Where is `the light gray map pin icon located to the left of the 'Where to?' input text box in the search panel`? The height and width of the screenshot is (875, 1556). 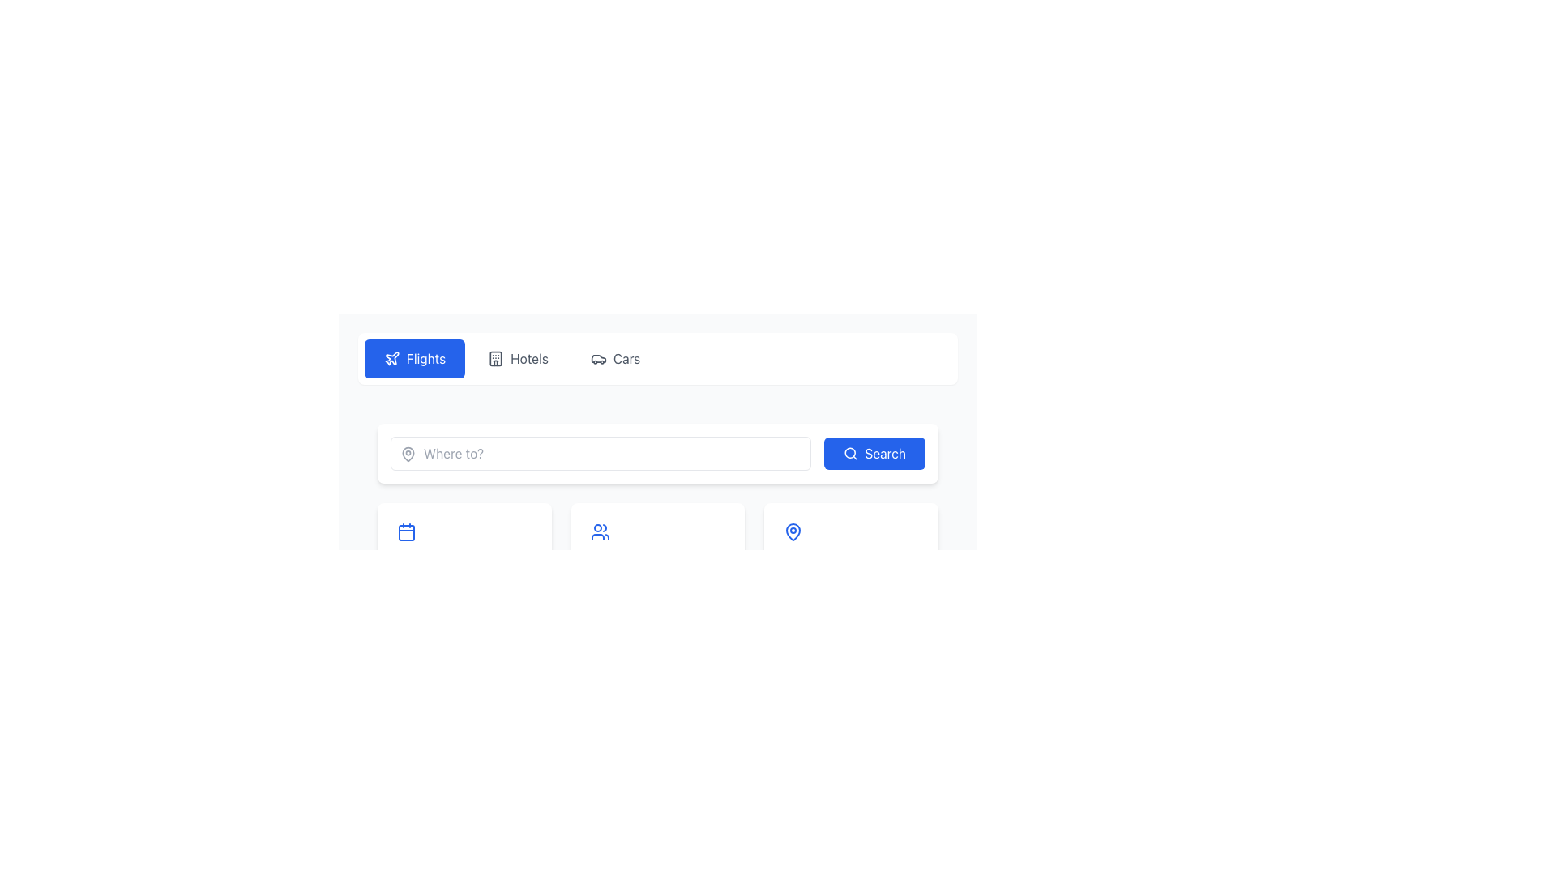 the light gray map pin icon located to the left of the 'Where to?' input text box in the search panel is located at coordinates (408, 454).